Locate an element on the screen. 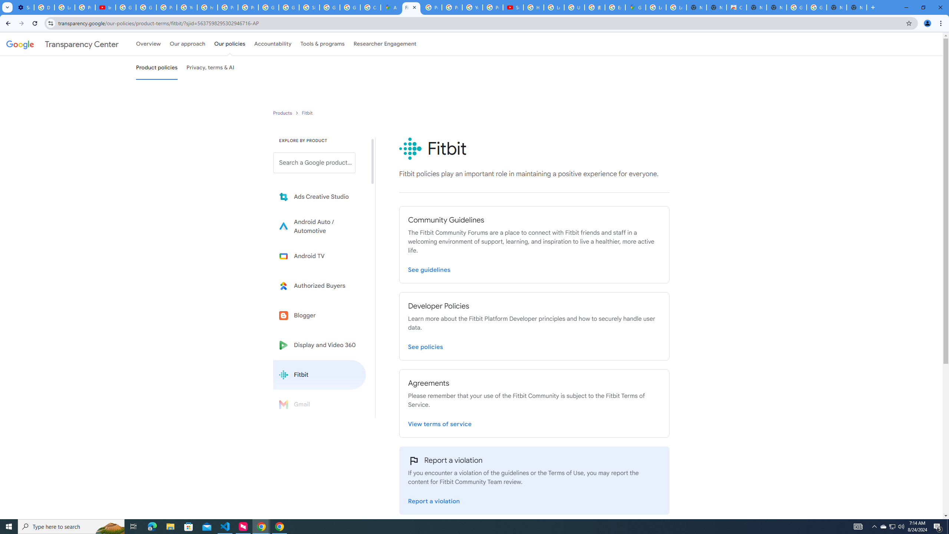 The image size is (949, 534). 'Read Fitbit Terms of Service page' is located at coordinates (440, 422).